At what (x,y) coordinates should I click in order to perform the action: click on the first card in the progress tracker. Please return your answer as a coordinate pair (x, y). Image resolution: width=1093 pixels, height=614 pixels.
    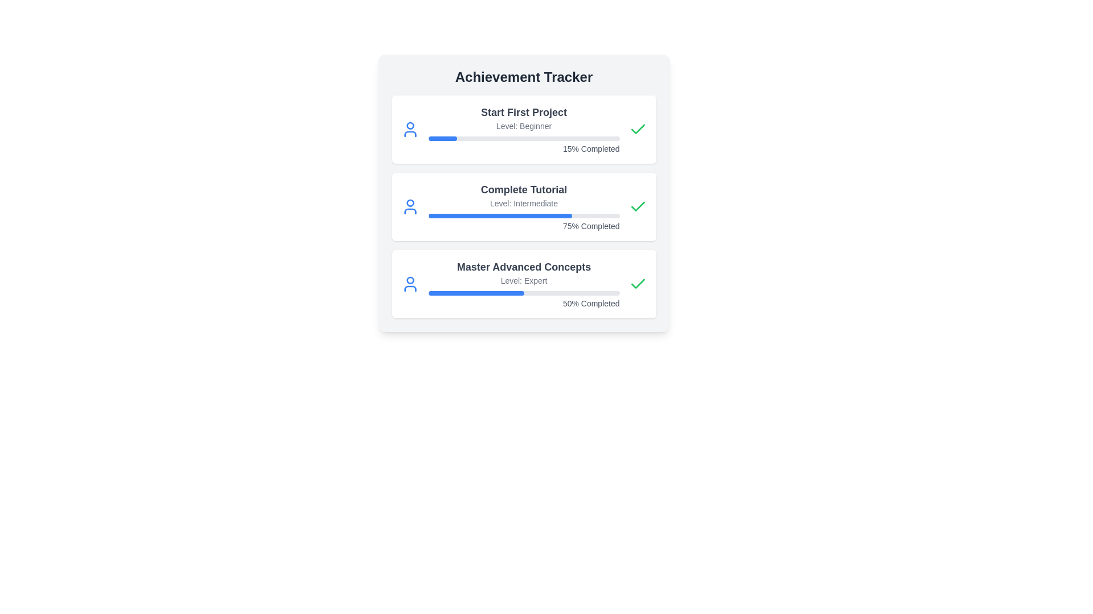
    Looking at the image, I should click on (523, 128).